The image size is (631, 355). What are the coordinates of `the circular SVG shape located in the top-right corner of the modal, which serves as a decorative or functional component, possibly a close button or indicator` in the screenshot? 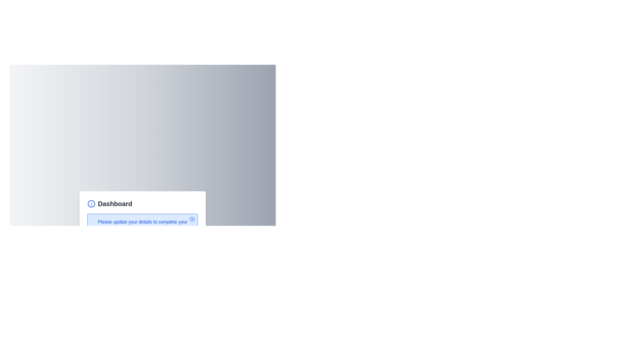 It's located at (192, 219).